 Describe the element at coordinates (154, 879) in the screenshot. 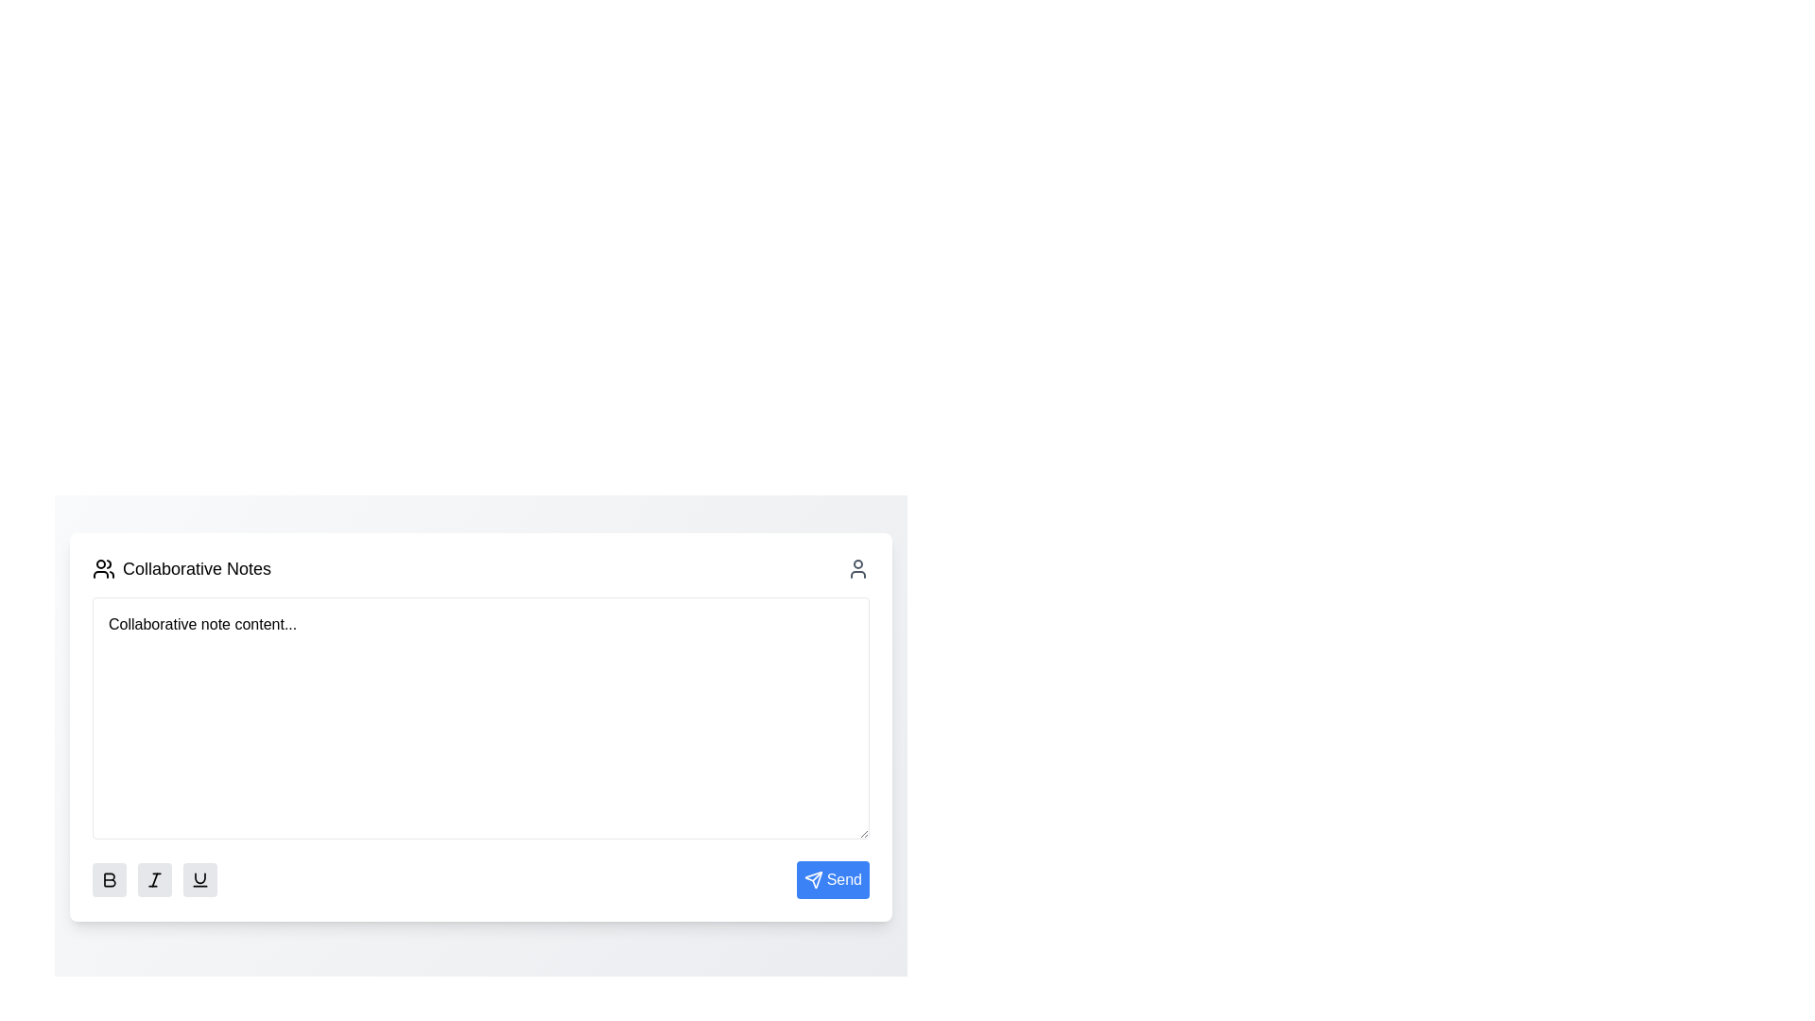

I see `the italic formatting button located between the bold icon button and the underline icon button, which is positioned below the text input area` at that location.